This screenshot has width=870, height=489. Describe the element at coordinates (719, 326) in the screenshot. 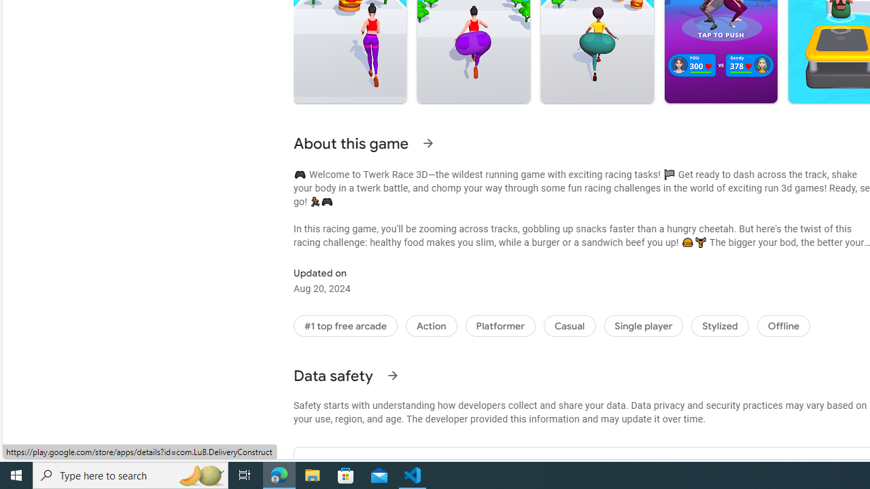

I see `'Stylized'` at that location.